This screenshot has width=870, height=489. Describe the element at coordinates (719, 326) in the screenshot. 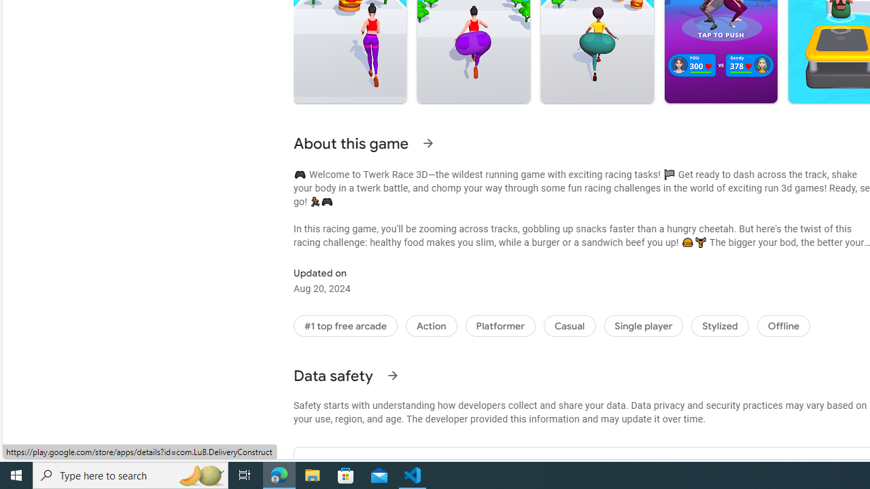

I see `'Stylized'` at that location.